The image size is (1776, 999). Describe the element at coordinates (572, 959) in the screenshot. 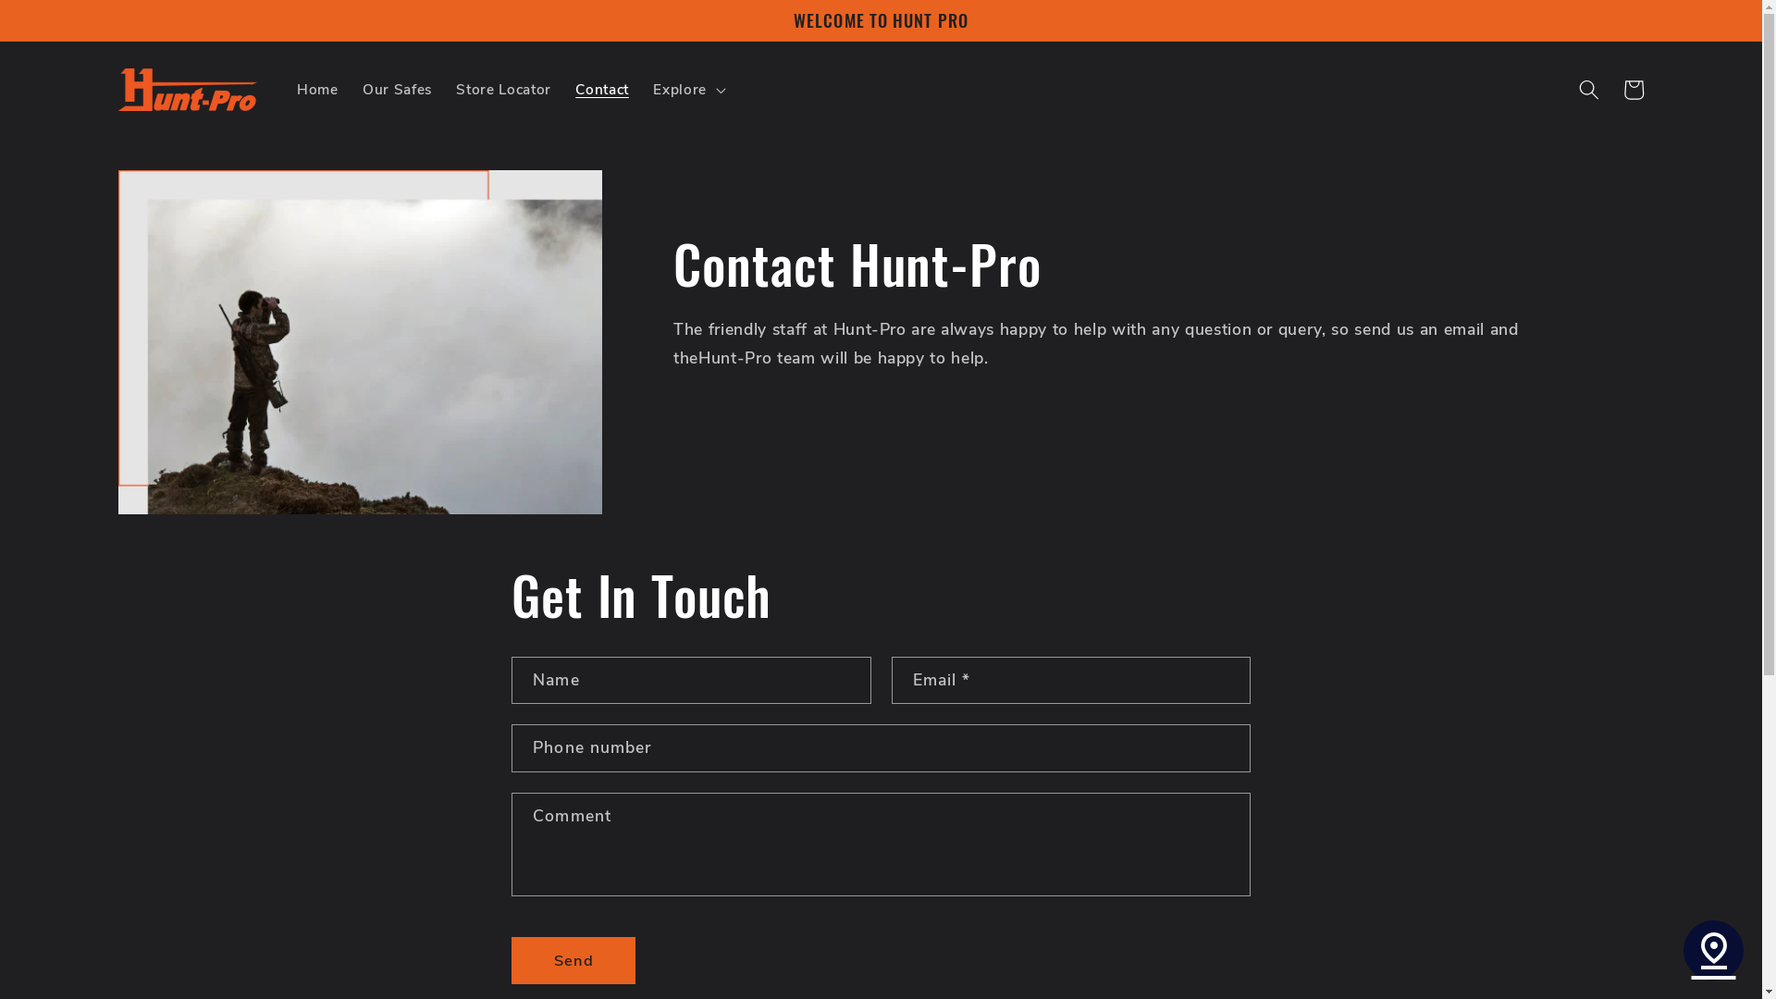

I see `'Send'` at that location.